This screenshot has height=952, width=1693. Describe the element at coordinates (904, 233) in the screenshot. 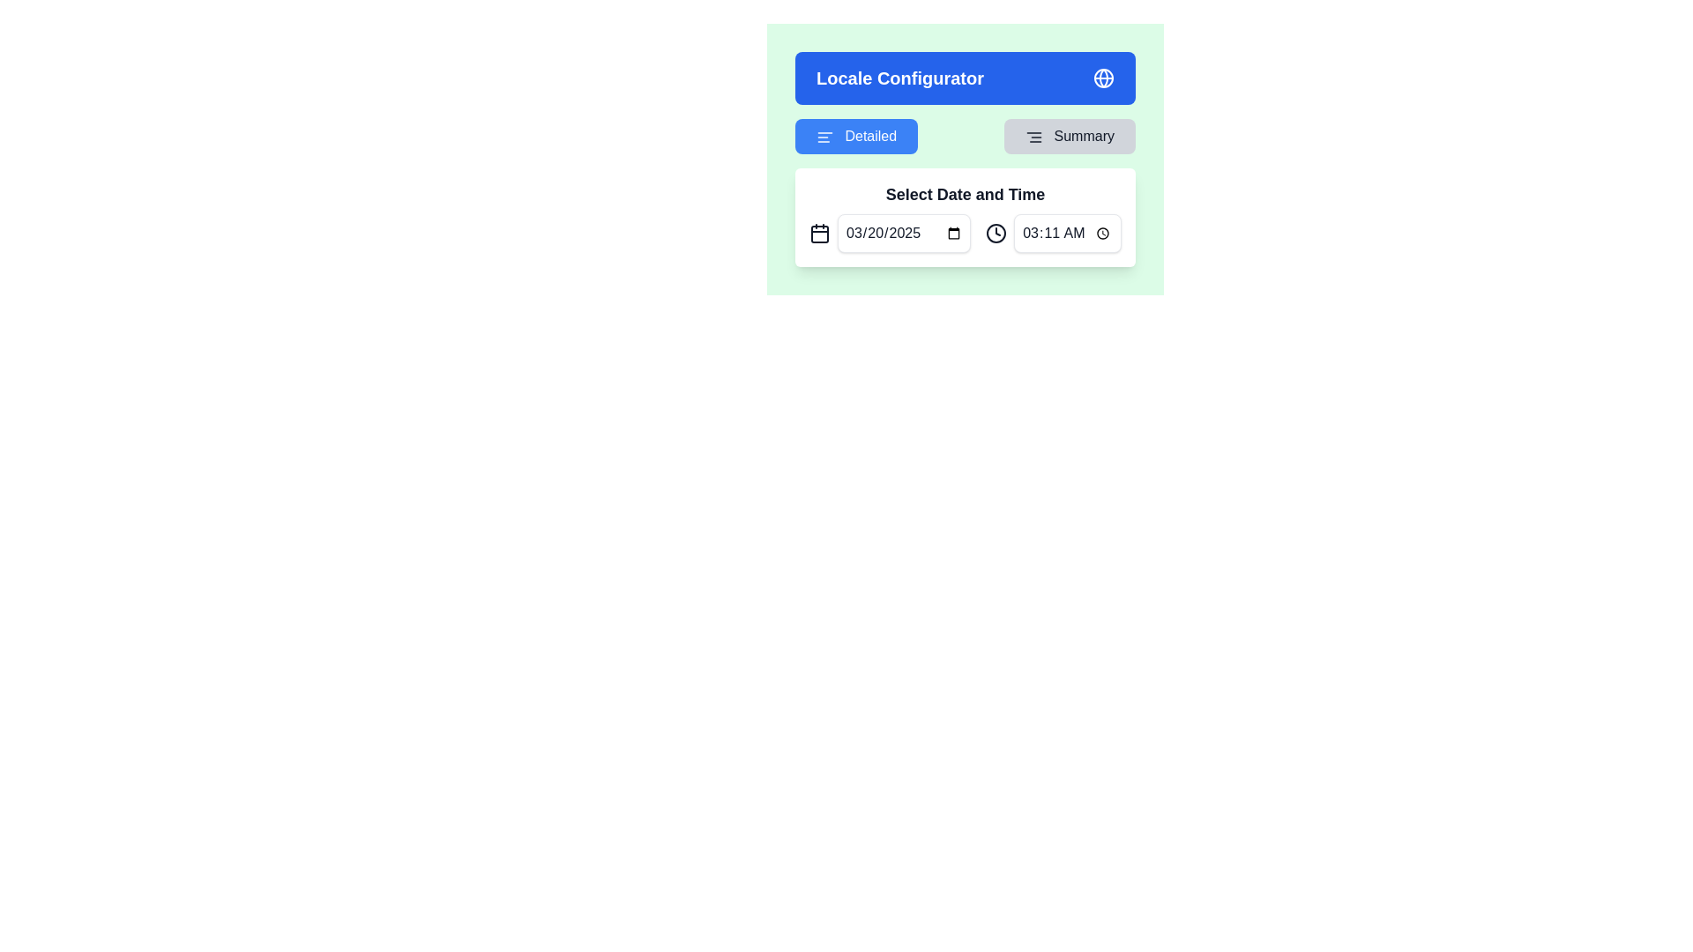

I see `the date input field displaying '03/20/2025'` at that location.